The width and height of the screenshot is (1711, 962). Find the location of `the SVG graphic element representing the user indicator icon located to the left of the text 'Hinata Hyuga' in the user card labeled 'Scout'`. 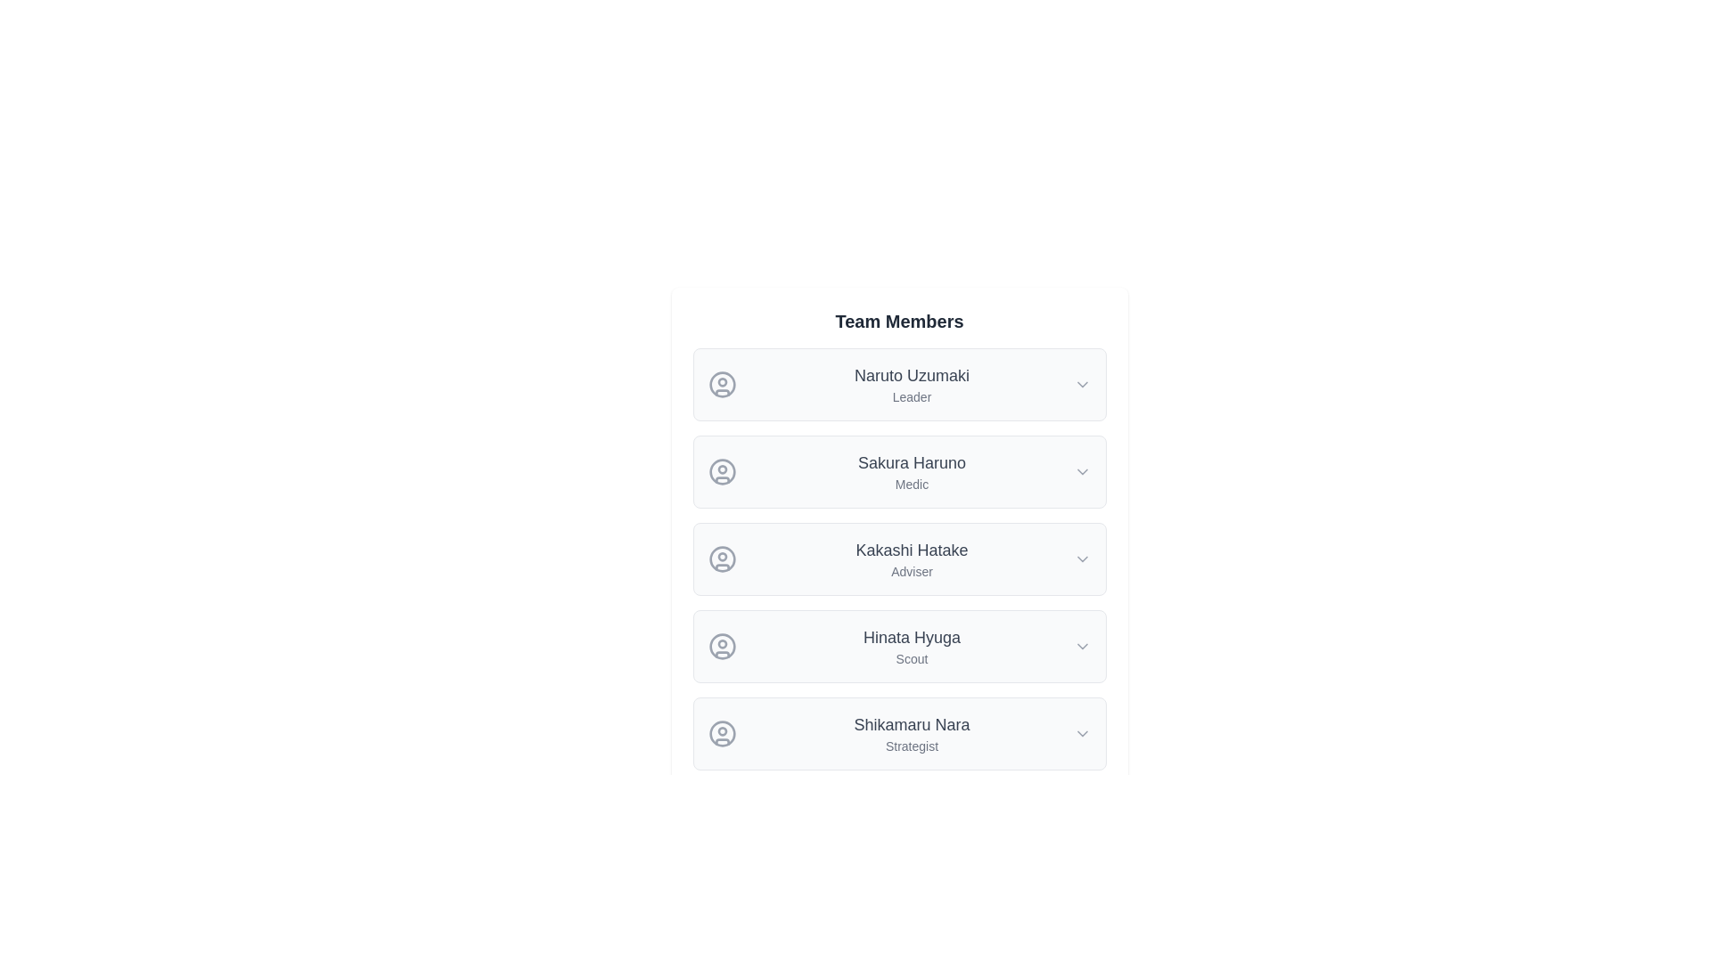

the SVG graphic element representing the user indicator icon located to the left of the text 'Hinata Hyuga' in the user card labeled 'Scout' is located at coordinates (722, 646).